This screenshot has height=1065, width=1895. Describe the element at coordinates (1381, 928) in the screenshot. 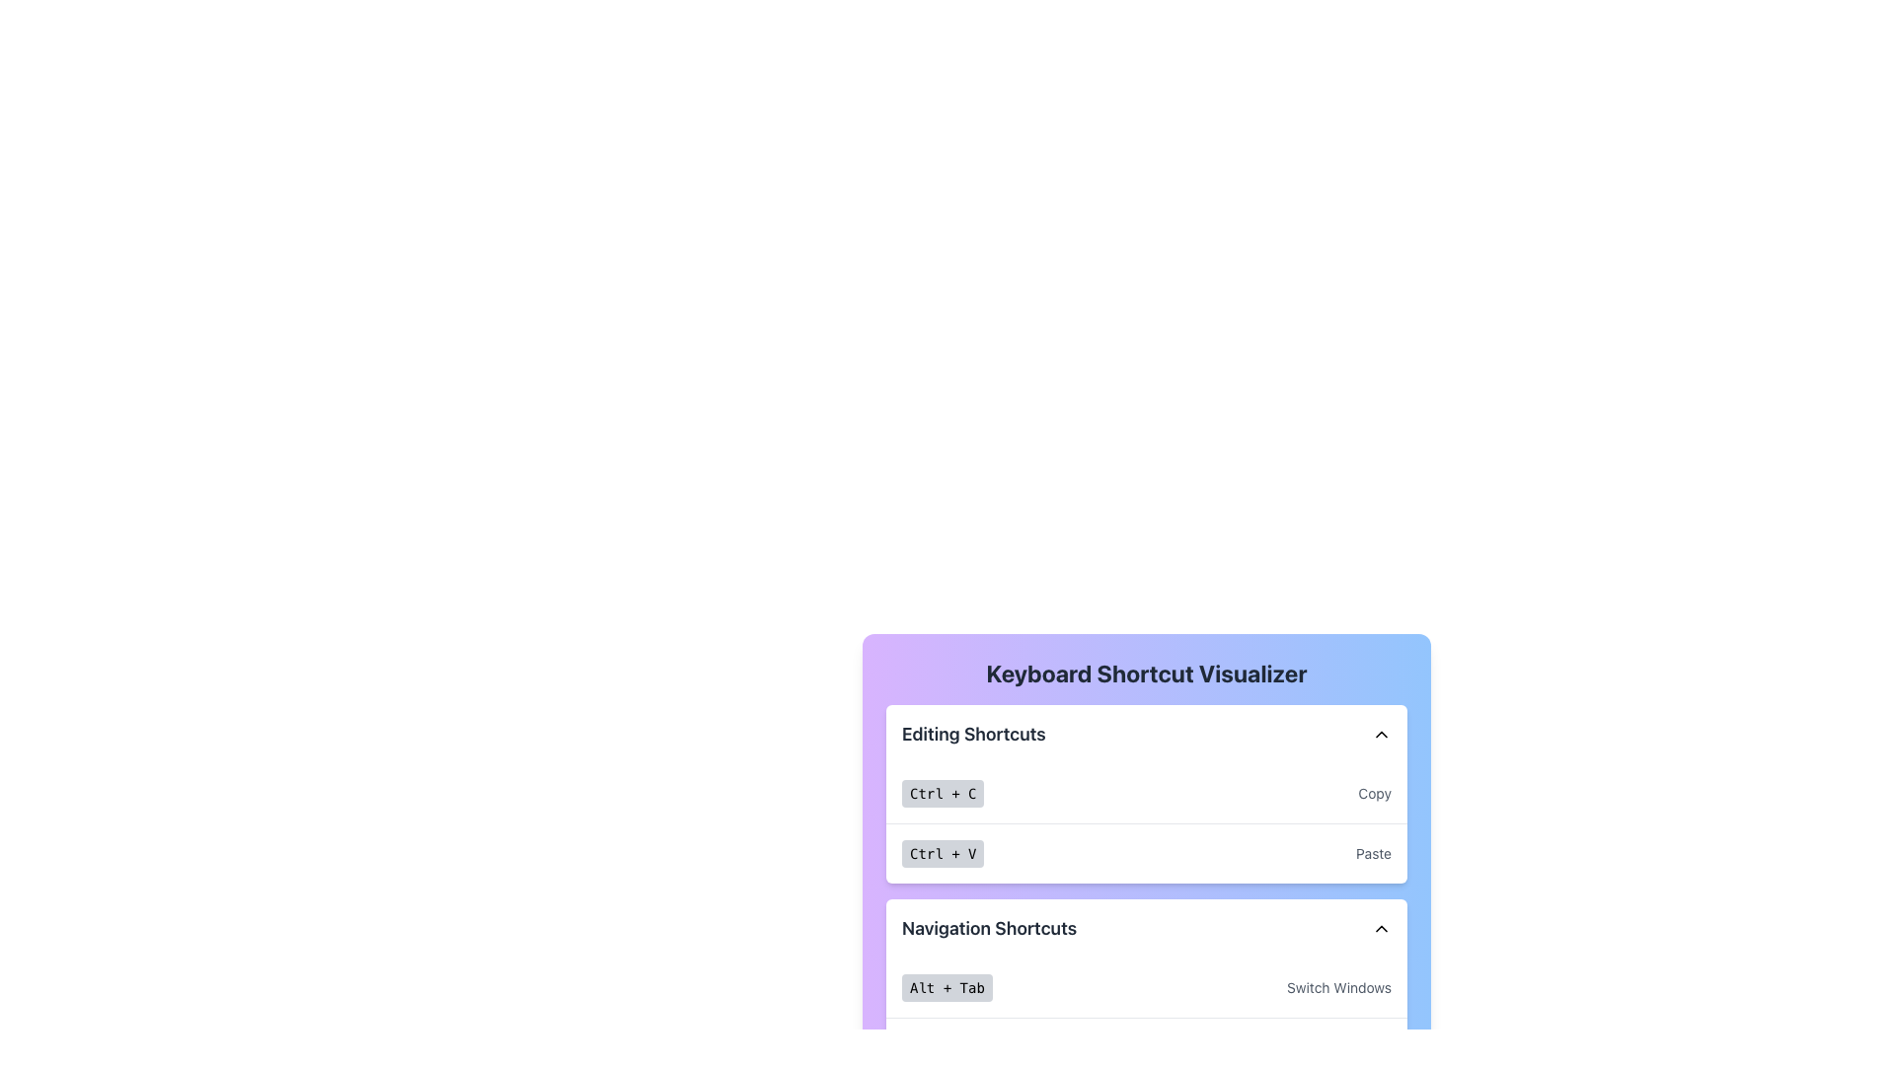

I see `the upward-pointing chevron icon located near the top-right corner of the 'Navigation Shortcuts' section header` at that location.